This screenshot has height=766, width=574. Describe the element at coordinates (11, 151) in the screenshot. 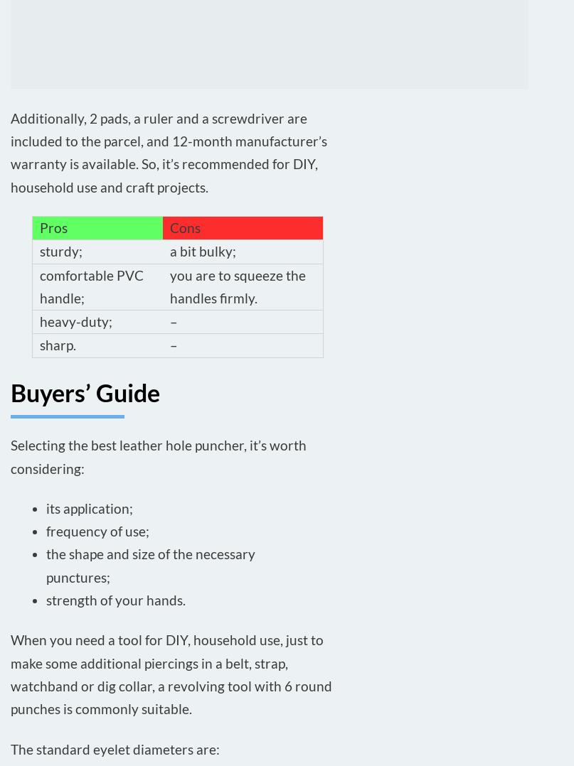

I see `'Additionally, 2 pads, a ruler and a screwdriver are included to the parcel, and 12-month manufacturer’s warranty is available. So, it’s recommended for DIY, household use and craft projects.'` at that location.